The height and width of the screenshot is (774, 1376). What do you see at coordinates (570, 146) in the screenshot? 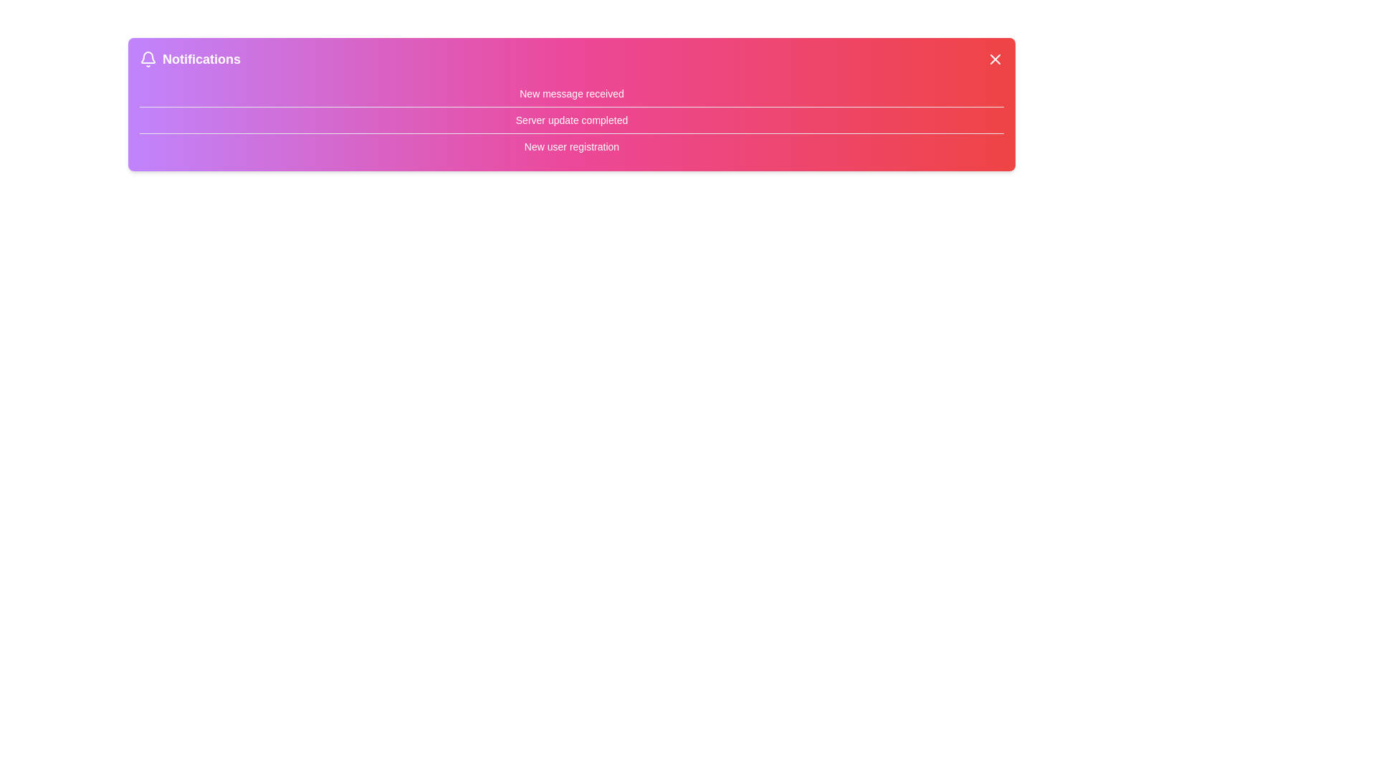
I see `the static text element displaying 'New user registration', which is positioned at the bottom of a notification list with a gradient background` at bounding box center [570, 146].